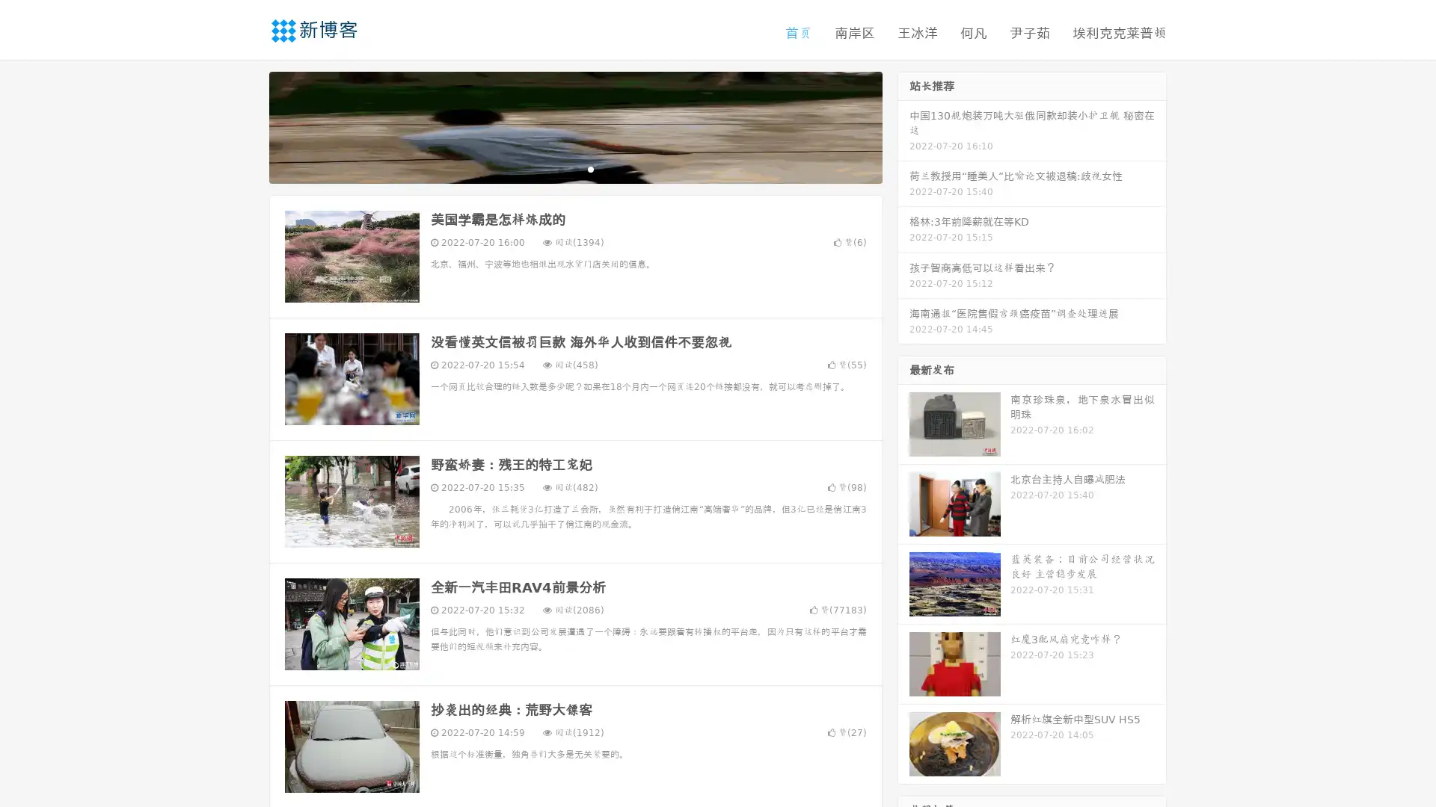 The image size is (1436, 807). What do you see at coordinates (574, 168) in the screenshot?
I see `Go to slide 2` at bounding box center [574, 168].